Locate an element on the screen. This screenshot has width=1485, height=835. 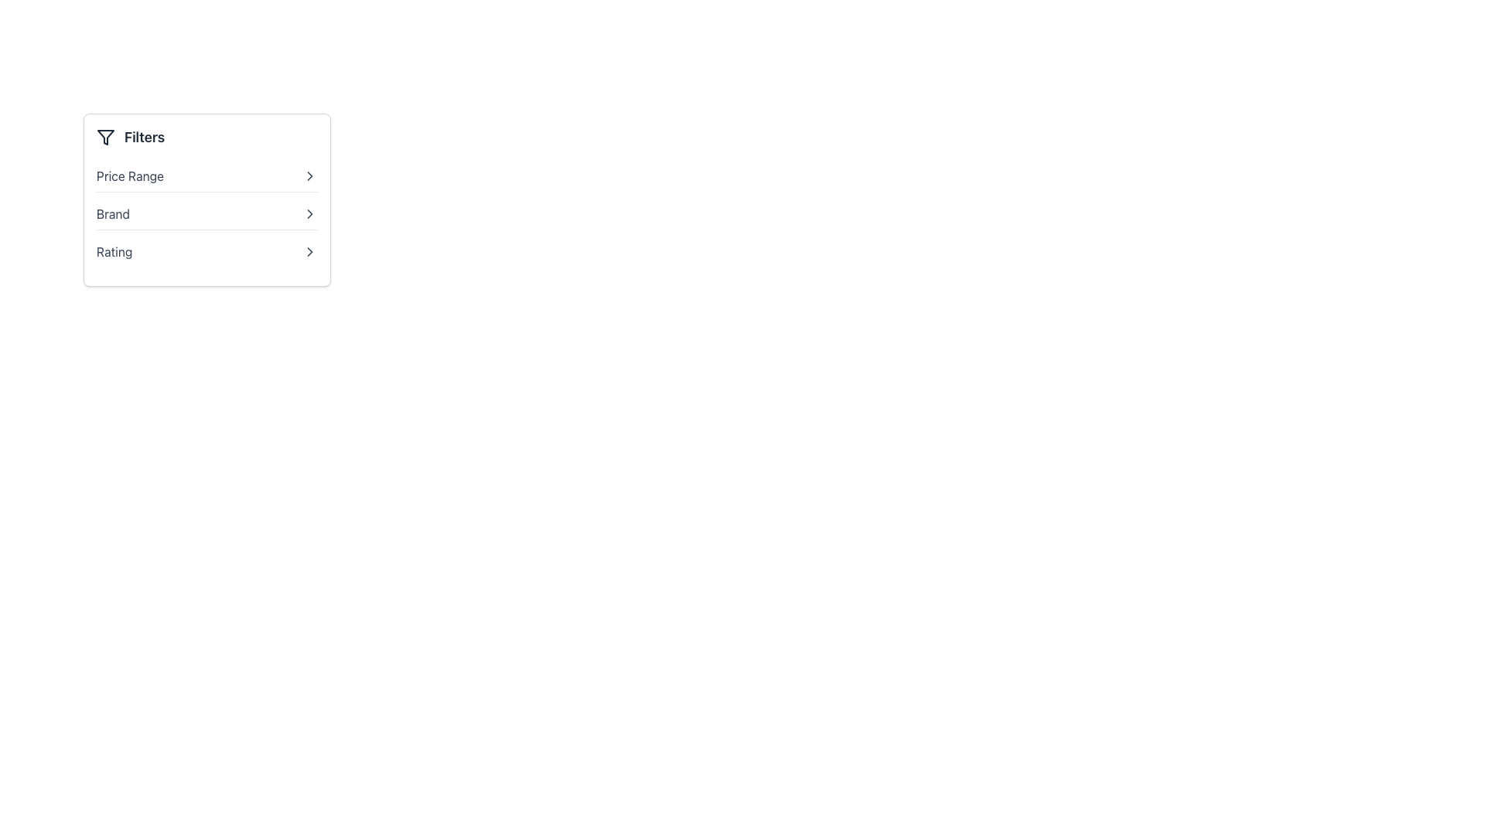
the funnel icon located to the left of the 'Filters' label is located at coordinates (105, 136).